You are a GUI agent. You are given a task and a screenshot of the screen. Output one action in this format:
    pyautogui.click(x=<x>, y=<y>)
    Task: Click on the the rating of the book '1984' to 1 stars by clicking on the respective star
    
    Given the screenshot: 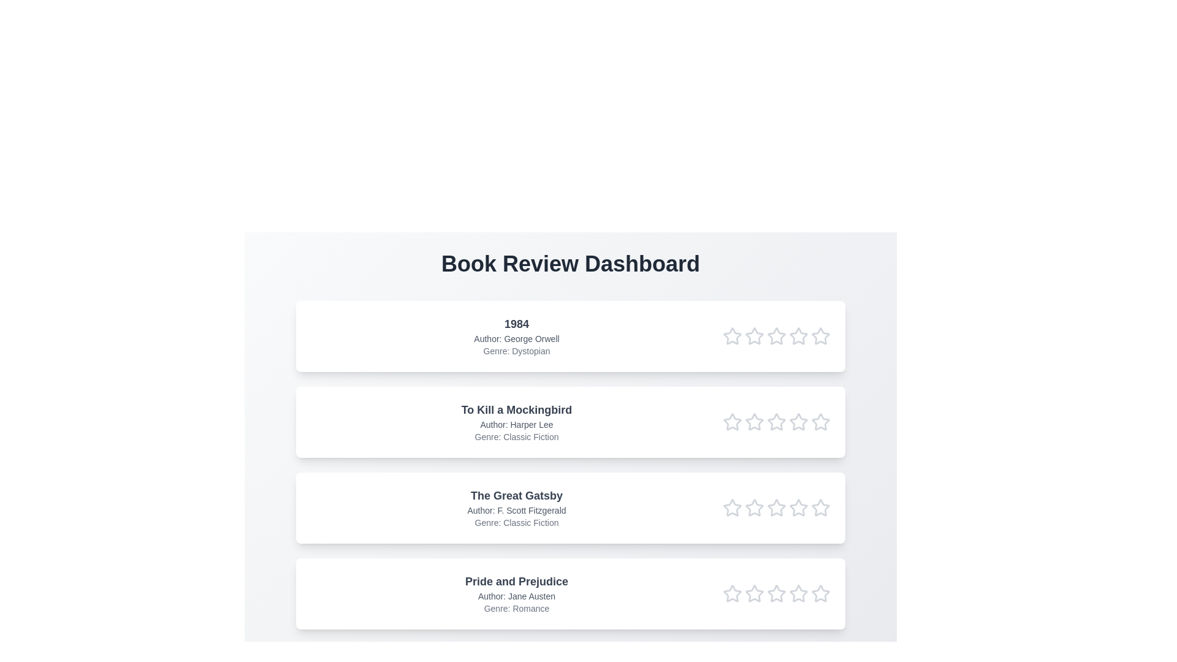 What is the action you would take?
    pyautogui.click(x=733, y=336)
    